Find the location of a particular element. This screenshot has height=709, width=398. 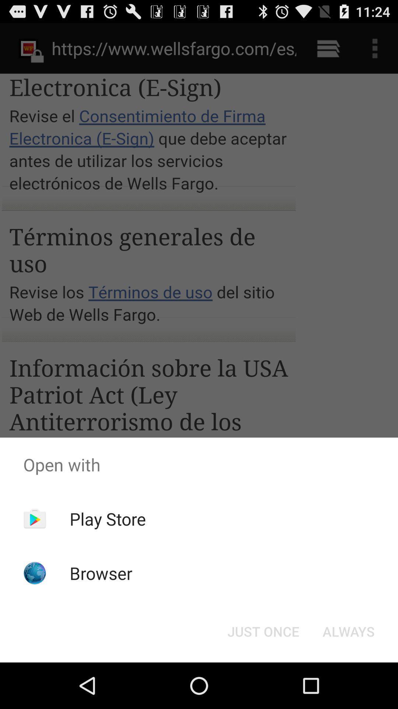

the app above browser item is located at coordinates (108, 518).